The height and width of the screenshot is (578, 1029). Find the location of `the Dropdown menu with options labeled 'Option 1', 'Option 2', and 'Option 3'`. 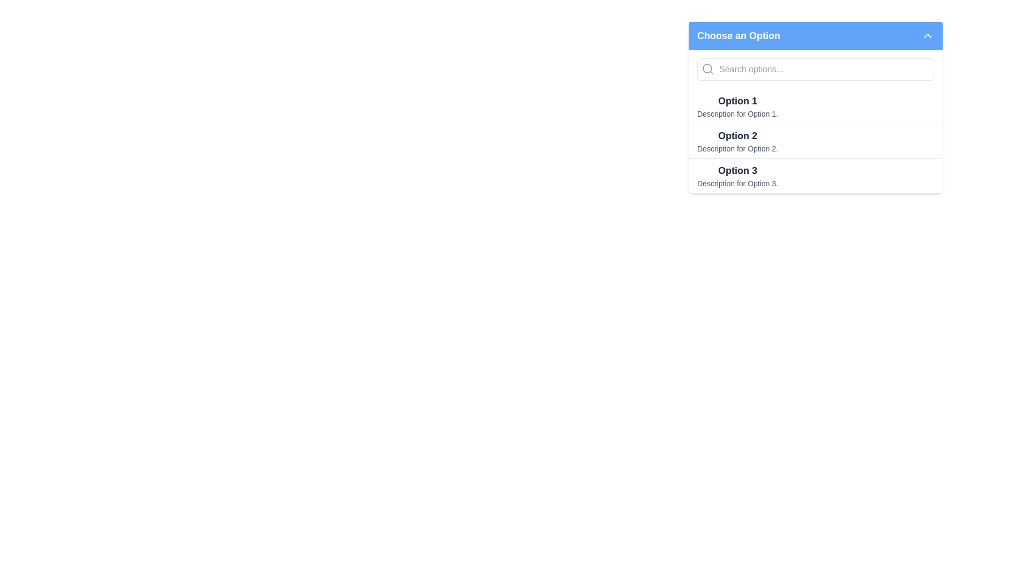

the Dropdown menu with options labeled 'Option 1', 'Option 2', and 'Option 3' is located at coordinates (815, 107).